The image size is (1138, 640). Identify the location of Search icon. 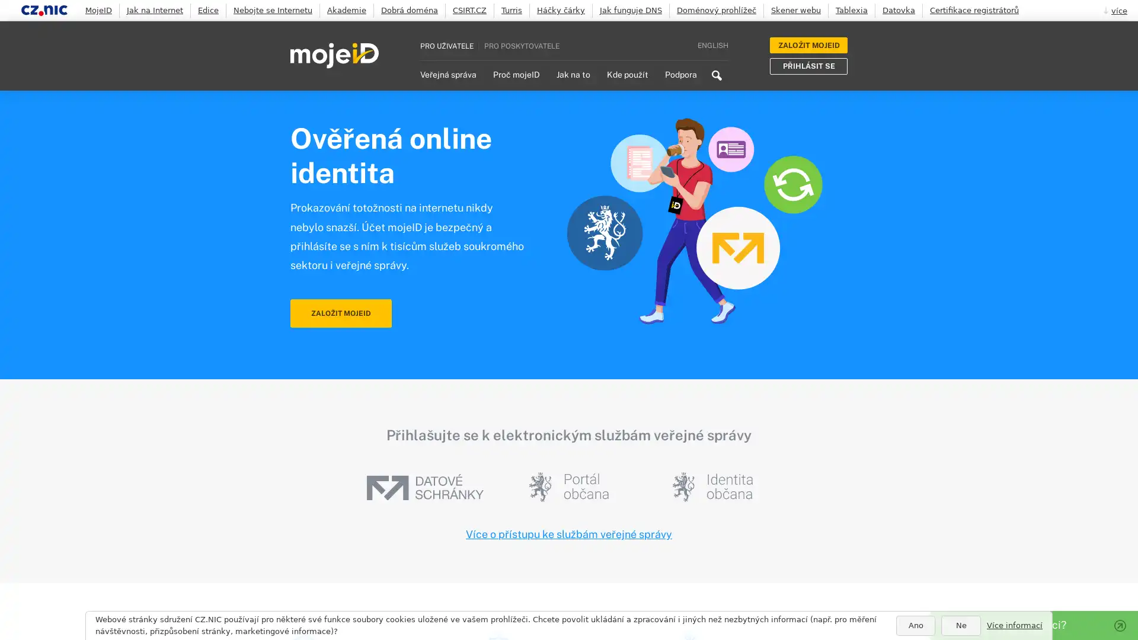
(794, 49).